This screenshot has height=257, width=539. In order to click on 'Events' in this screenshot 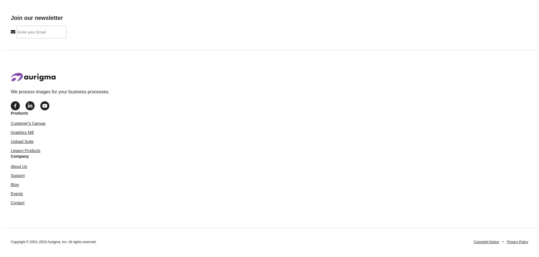, I will do `click(17, 194)`.